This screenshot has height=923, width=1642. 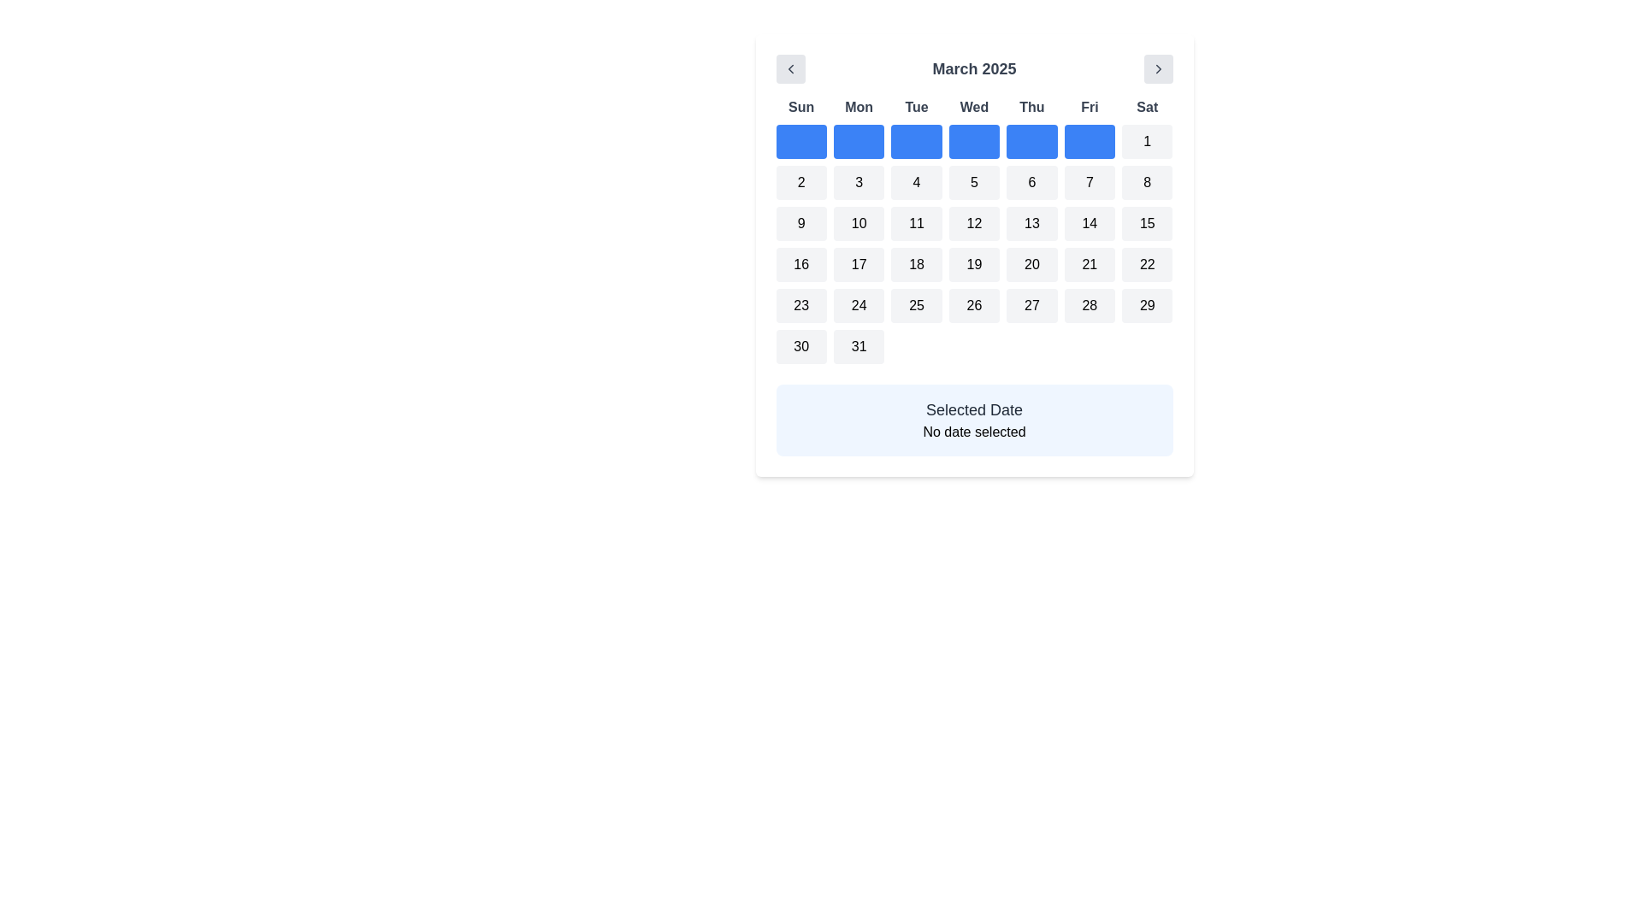 I want to click on the chevron icon located at the top left of the interface above the calendar display, so click(x=789, y=68).